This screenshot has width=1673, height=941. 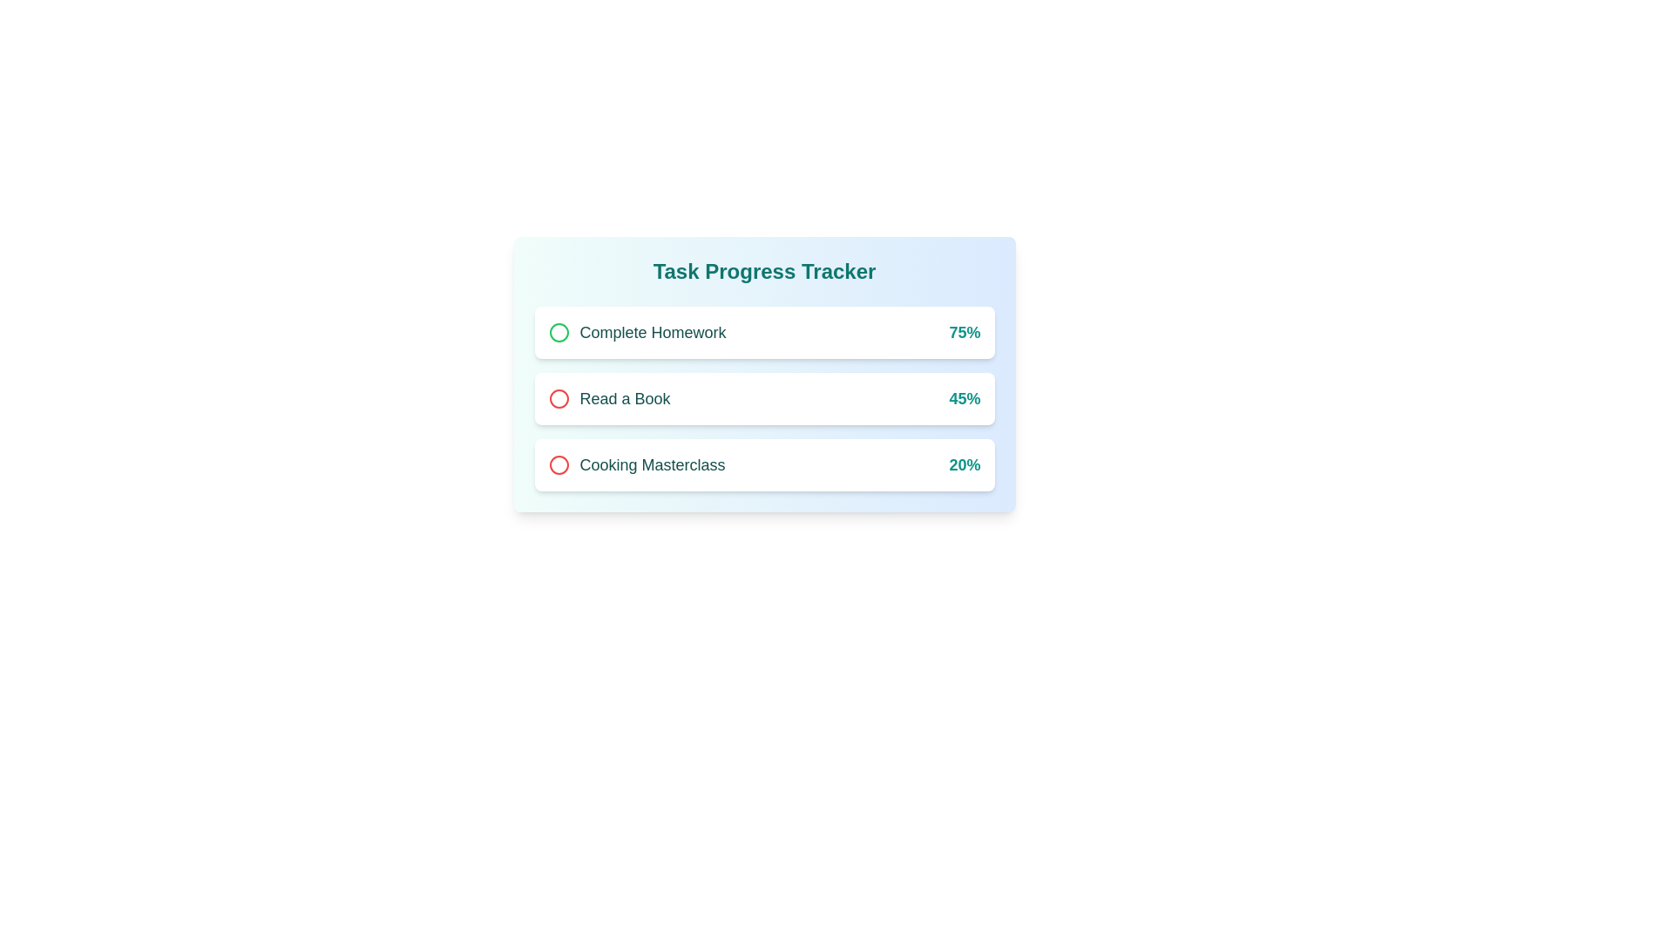 What do you see at coordinates (764, 399) in the screenshot?
I see `the second list item in the Task Progress Tracker section that displays the progress status of the task 'Read a Book', which is indicated by a red icon for an incomplete task` at bounding box center [764, 399].